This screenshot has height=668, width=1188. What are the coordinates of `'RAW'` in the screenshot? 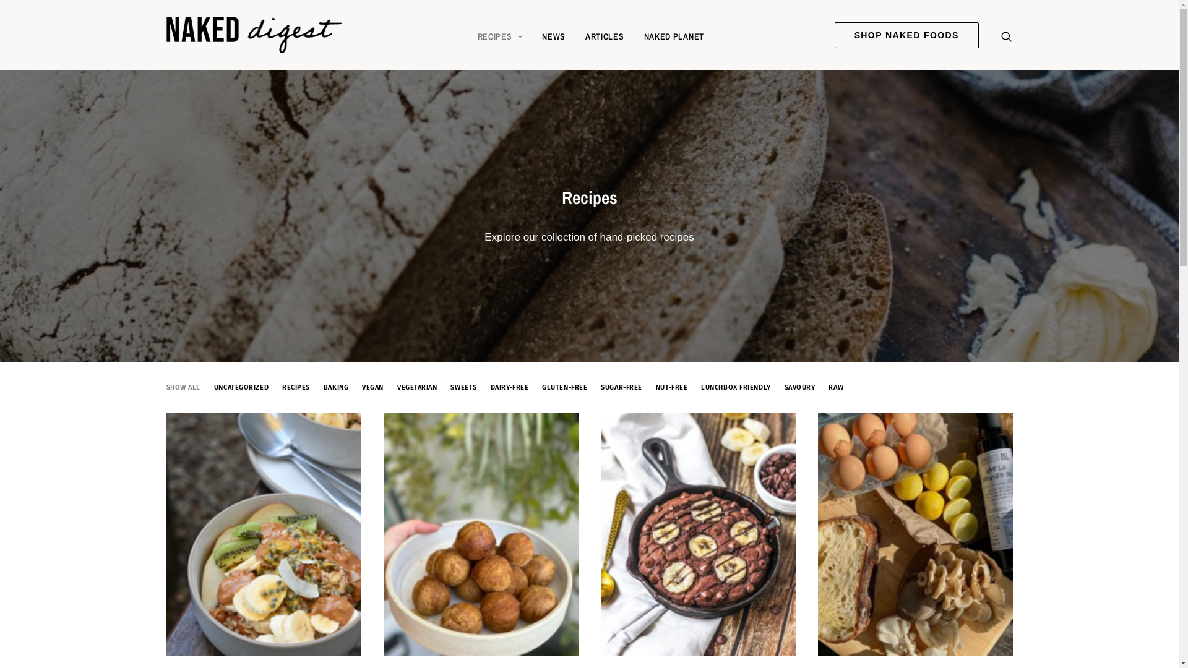 It's located at (835, 387).